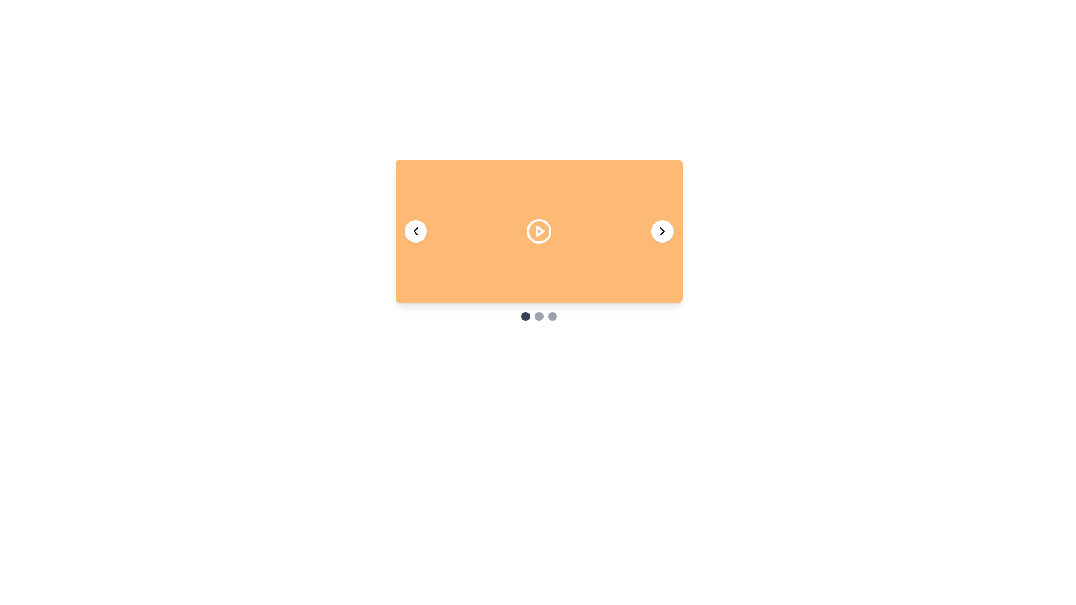 This screenshot has width=1076, height=605. I want to click on the second radio button in a row of three, positioned between a darker gray button on the left and a lighter gray button on the right, located beneath a large banner-like section with navigational controls, so click(539, 316).